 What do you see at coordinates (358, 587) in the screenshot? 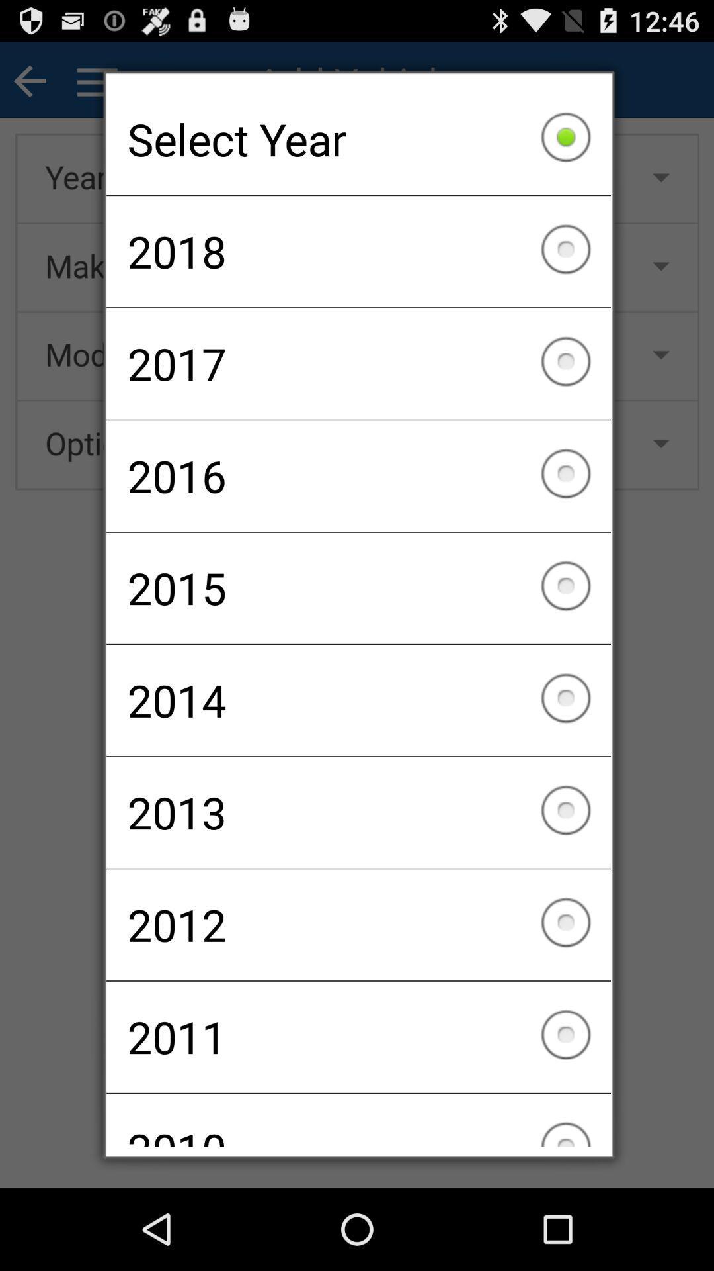
I see `the icon above 2014 icon` at bounding box center [358, 587].